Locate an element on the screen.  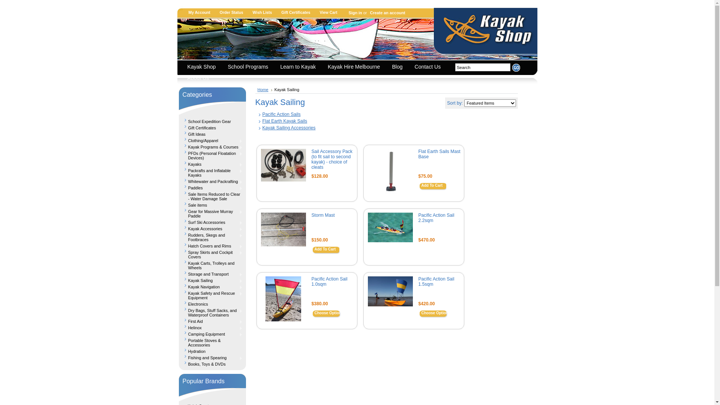
'Flat Earth Kayak Sails' is located at coordinates (284, 121).